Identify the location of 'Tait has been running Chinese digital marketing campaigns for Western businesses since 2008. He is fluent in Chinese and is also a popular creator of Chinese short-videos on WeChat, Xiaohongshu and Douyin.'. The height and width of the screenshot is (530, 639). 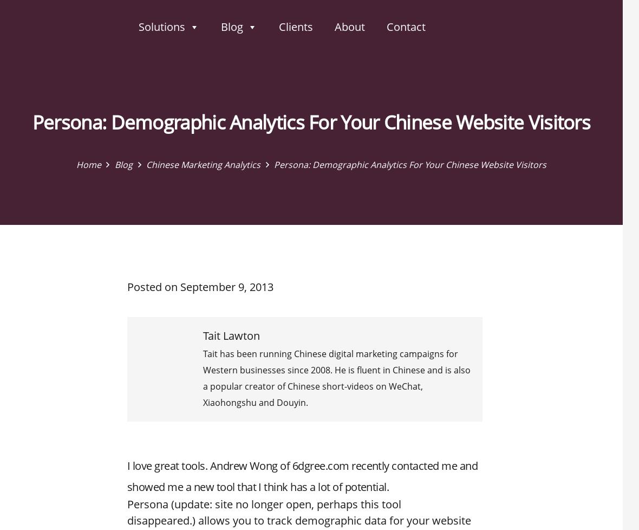
(336, 378).